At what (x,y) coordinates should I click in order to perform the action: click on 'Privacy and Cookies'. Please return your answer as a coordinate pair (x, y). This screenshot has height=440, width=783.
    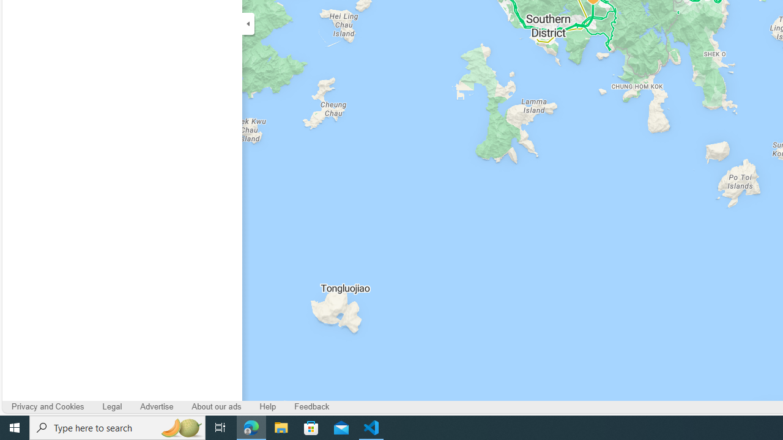
    Looking at the image, I should click on (48, 406).